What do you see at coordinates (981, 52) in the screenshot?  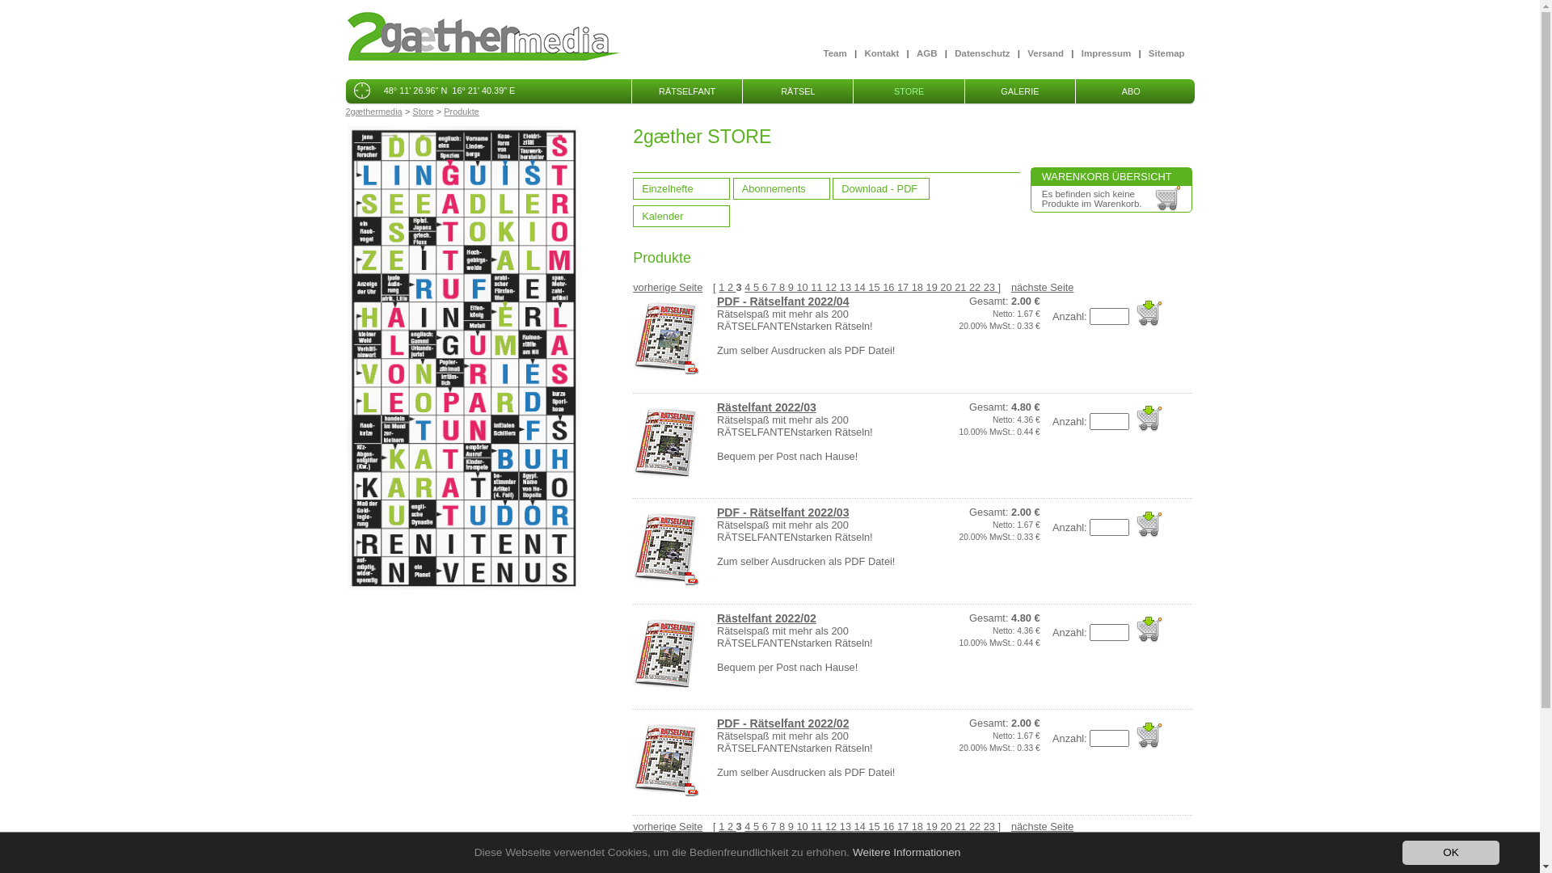 I see `'Datenschutz'` at bounding box center [981, 52].